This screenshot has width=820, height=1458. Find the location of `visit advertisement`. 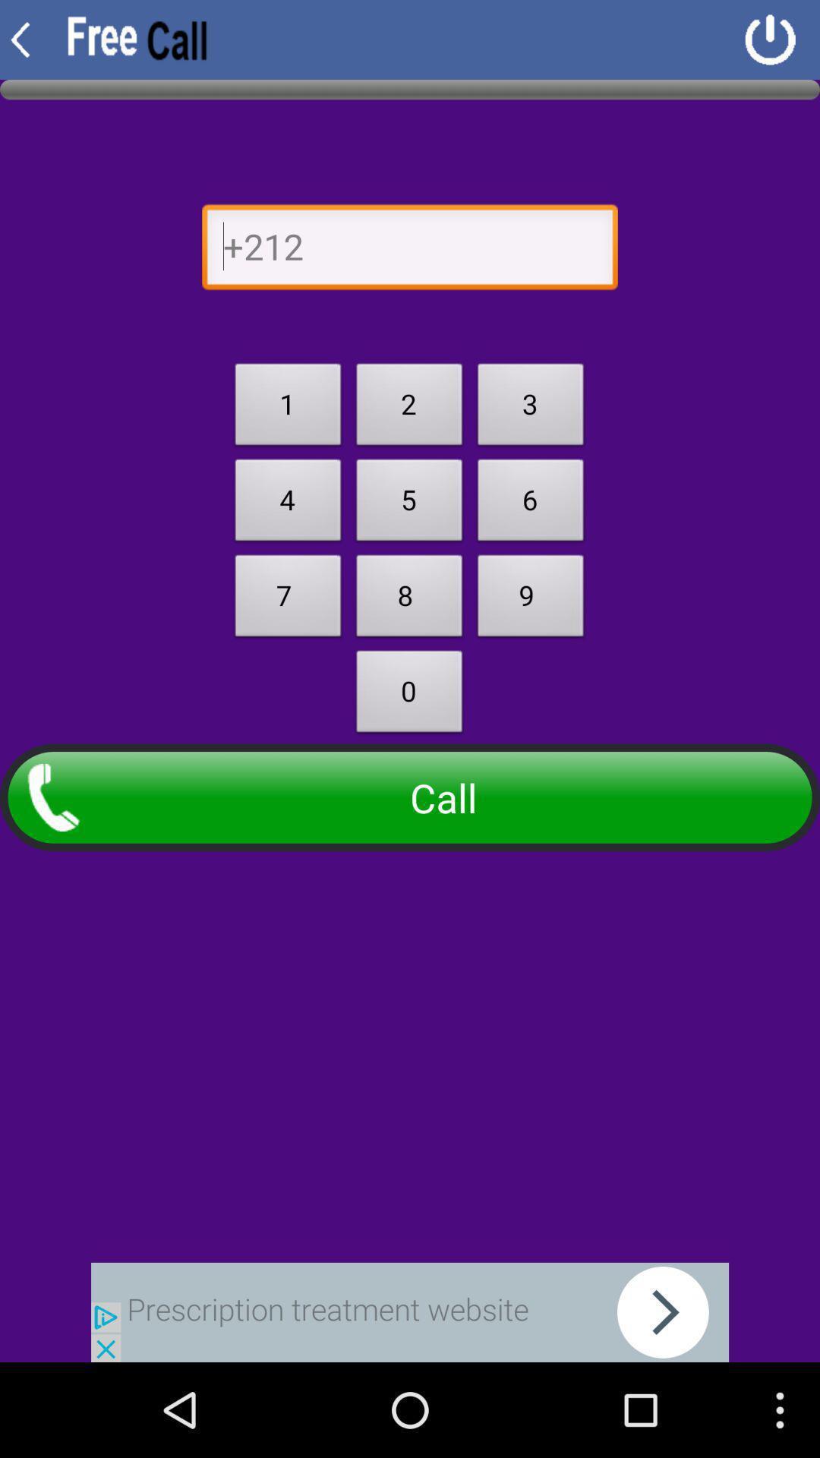

visit advertisement is located at coordinates (410, 1311).